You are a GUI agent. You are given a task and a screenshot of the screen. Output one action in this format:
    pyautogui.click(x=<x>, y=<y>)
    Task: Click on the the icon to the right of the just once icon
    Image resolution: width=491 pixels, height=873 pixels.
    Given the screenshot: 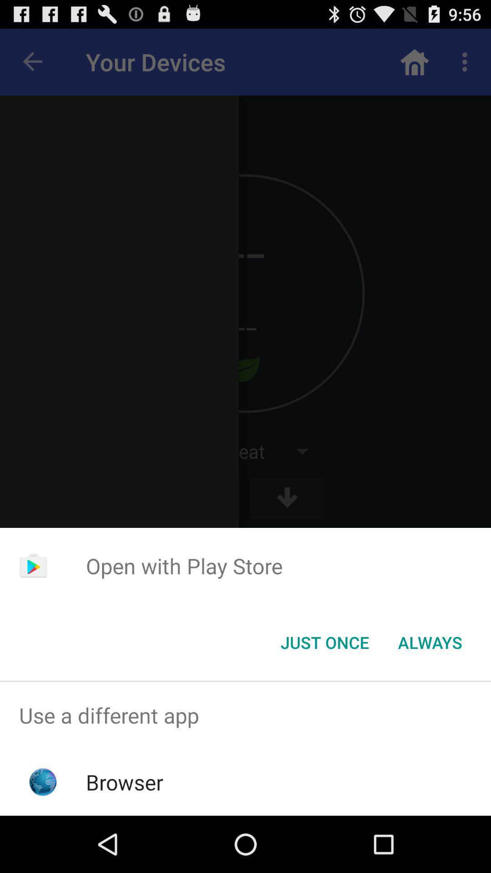 What is the action you would take?
    pyautogui.click(x=430, y=642)
    